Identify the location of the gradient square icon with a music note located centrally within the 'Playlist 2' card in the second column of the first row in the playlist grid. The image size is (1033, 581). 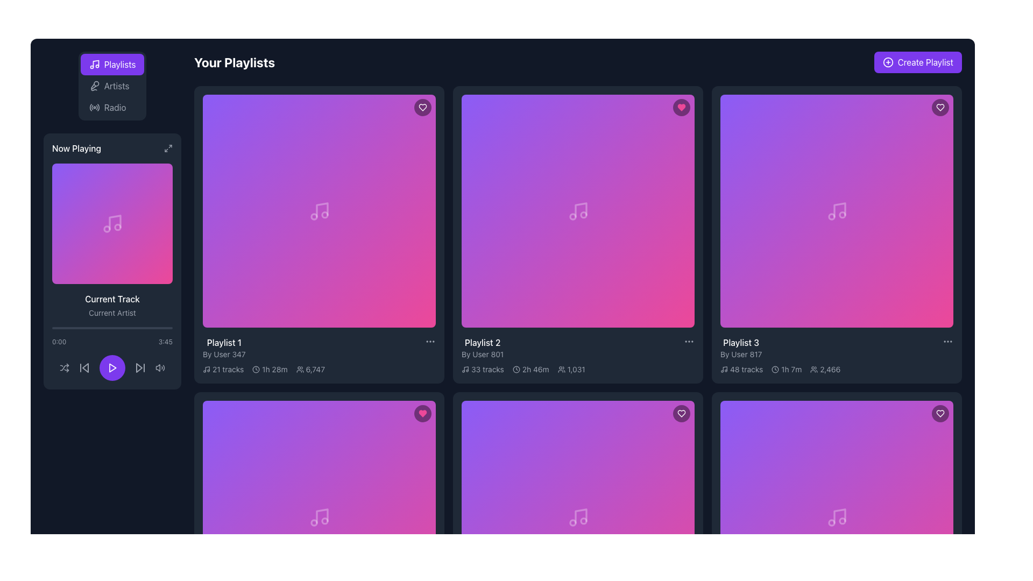
(577, 211).